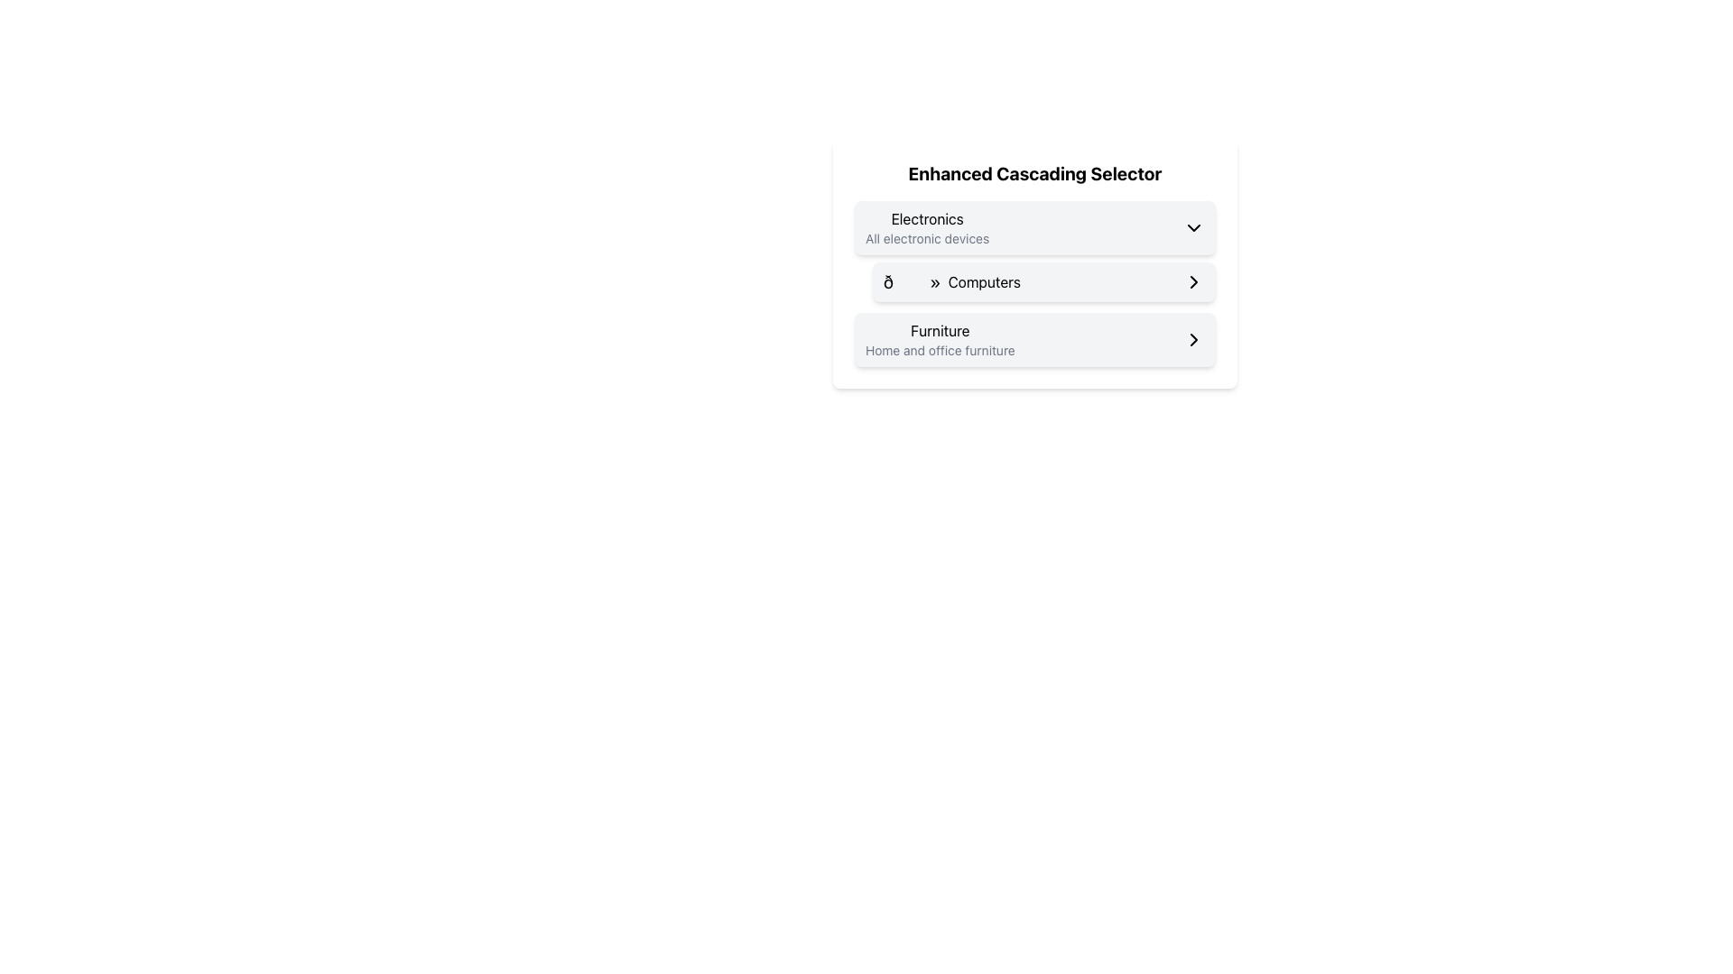 The image size is (1733, 974). Describe the element at coordinates (939, 340) in the screenshot. I see `the Text Label which displays 'Furniture' and 'Home and office furniture' in the specified fonts and colors` at that location.